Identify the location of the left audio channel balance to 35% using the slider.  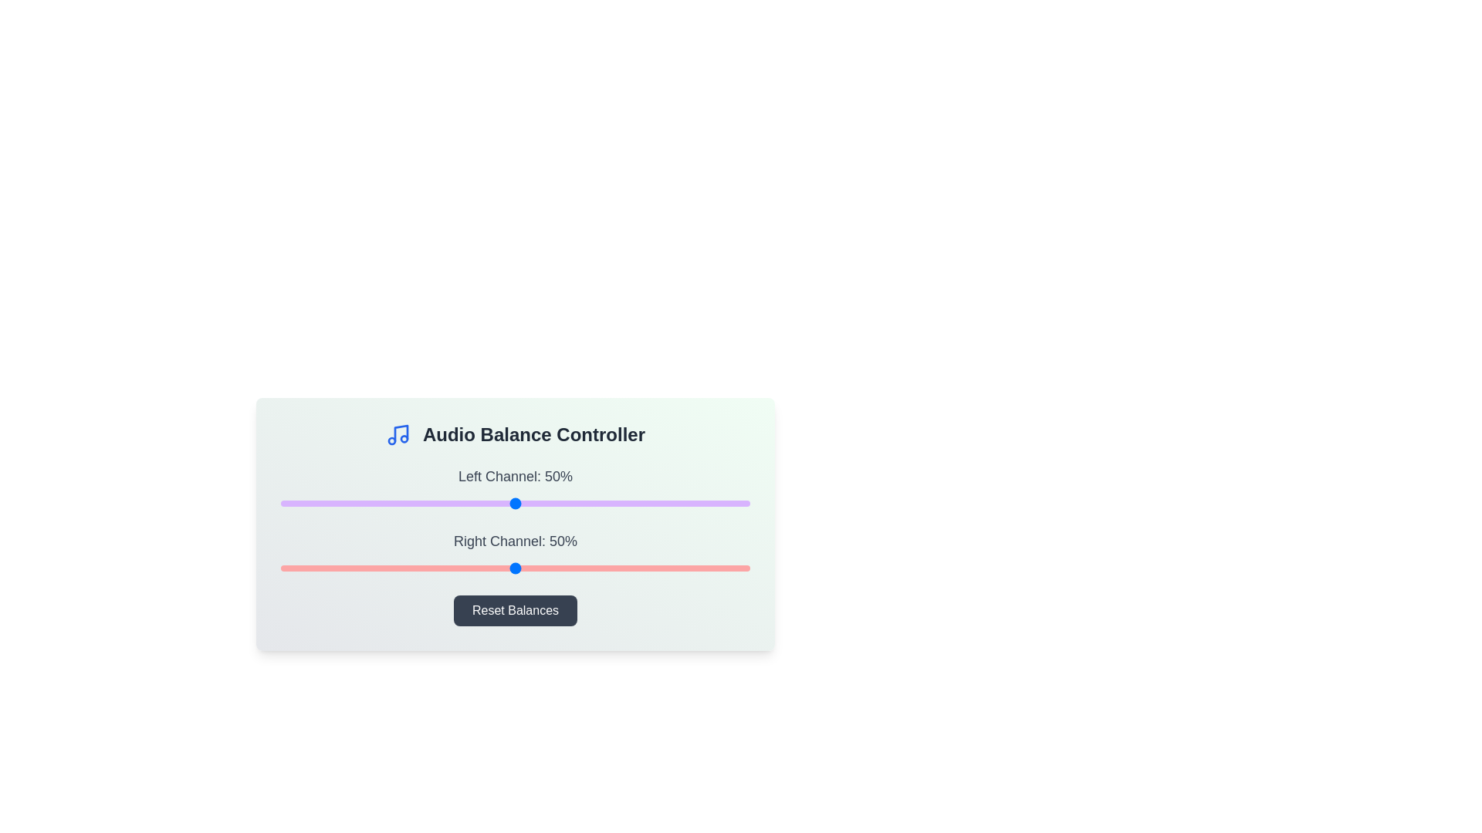
(444, 503).